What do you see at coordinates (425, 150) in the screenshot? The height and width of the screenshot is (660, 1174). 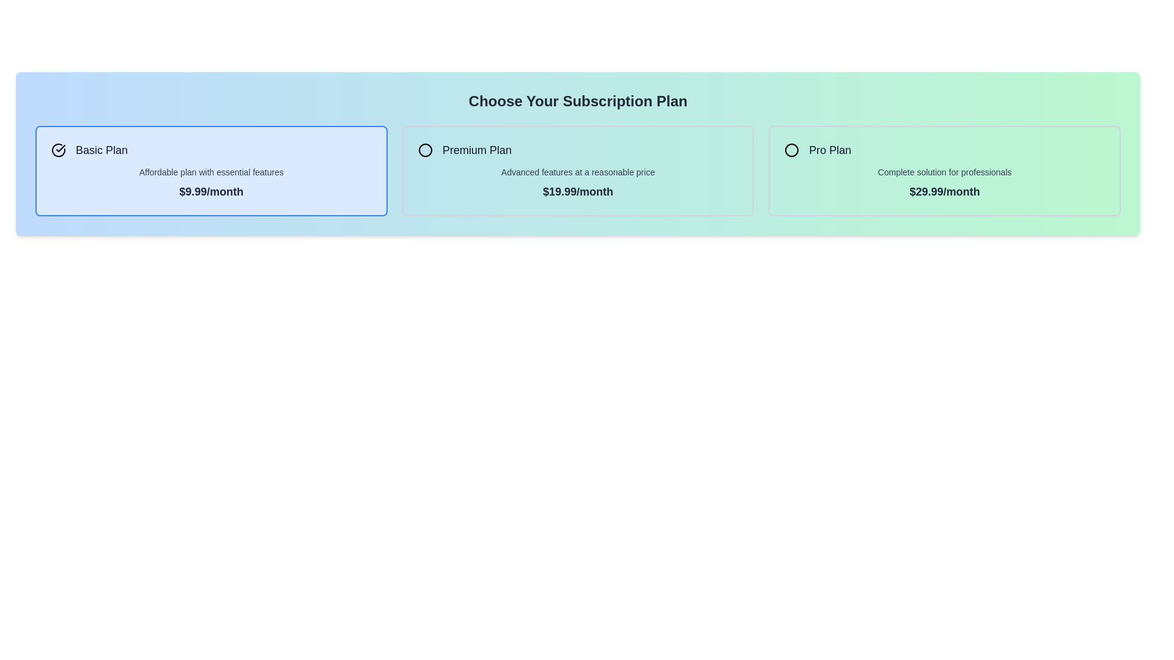 I see `the selection indicator checkbox styled as a radio button` at bounding box center [425, 150].